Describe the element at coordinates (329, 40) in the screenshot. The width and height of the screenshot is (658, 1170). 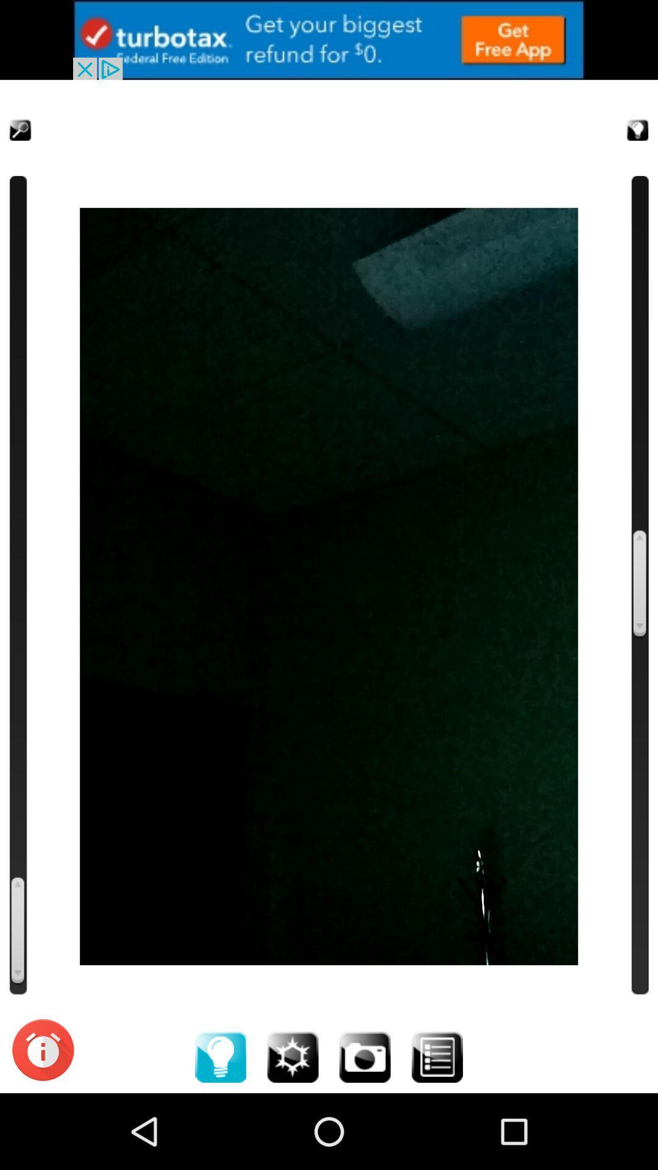
I see `advertisement` at that location.